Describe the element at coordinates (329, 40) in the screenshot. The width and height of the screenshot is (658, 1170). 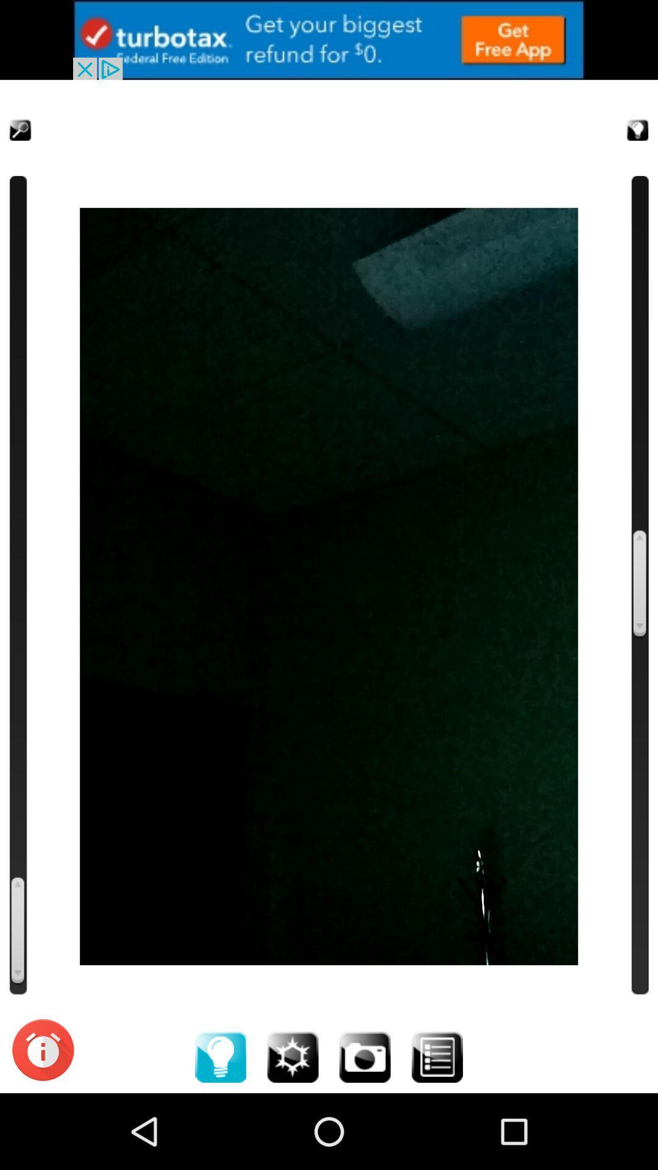
I see `advertisement` at that location.